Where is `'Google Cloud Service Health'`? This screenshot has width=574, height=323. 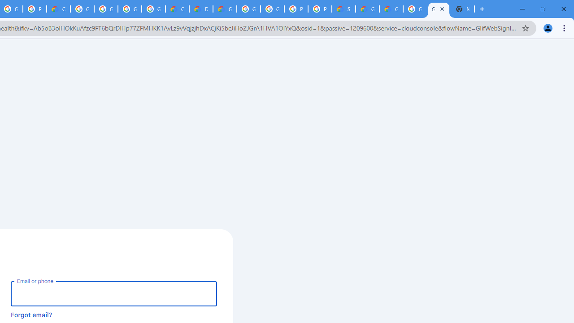 'Google Cloud Service Health' is located at coordinates (391, 9).